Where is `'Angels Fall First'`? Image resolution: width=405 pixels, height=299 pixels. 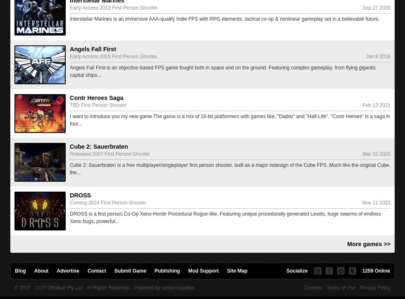
'Angels Fall First' is located at coordinates (93, 49).